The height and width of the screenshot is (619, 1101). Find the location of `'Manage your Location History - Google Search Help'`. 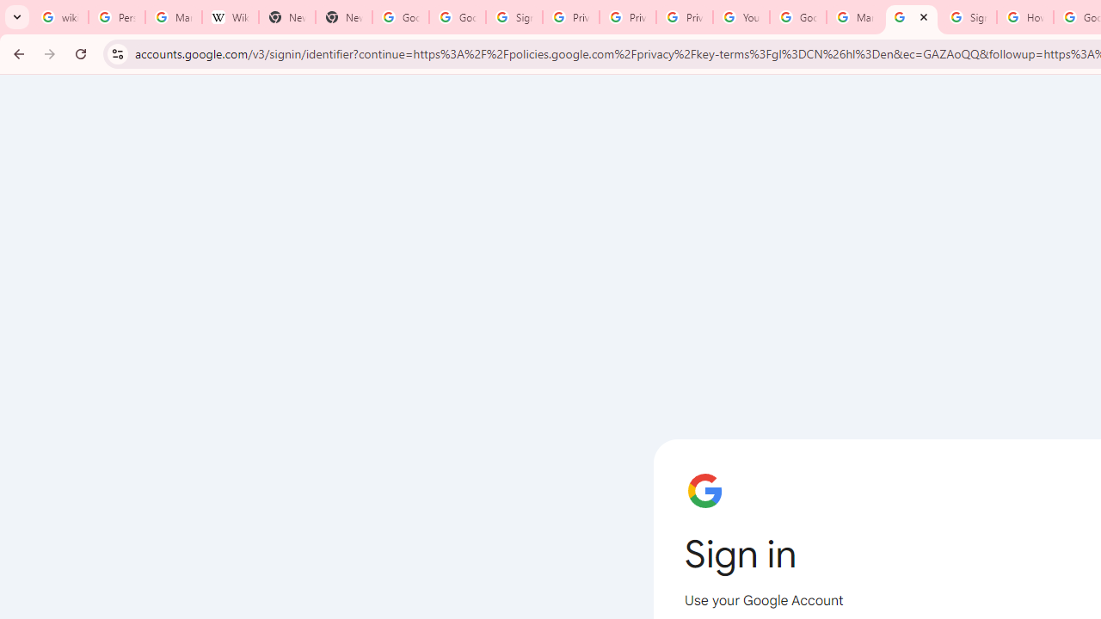

'Manage your Location History - Google Search Help' is located at coordinates (174, 17).